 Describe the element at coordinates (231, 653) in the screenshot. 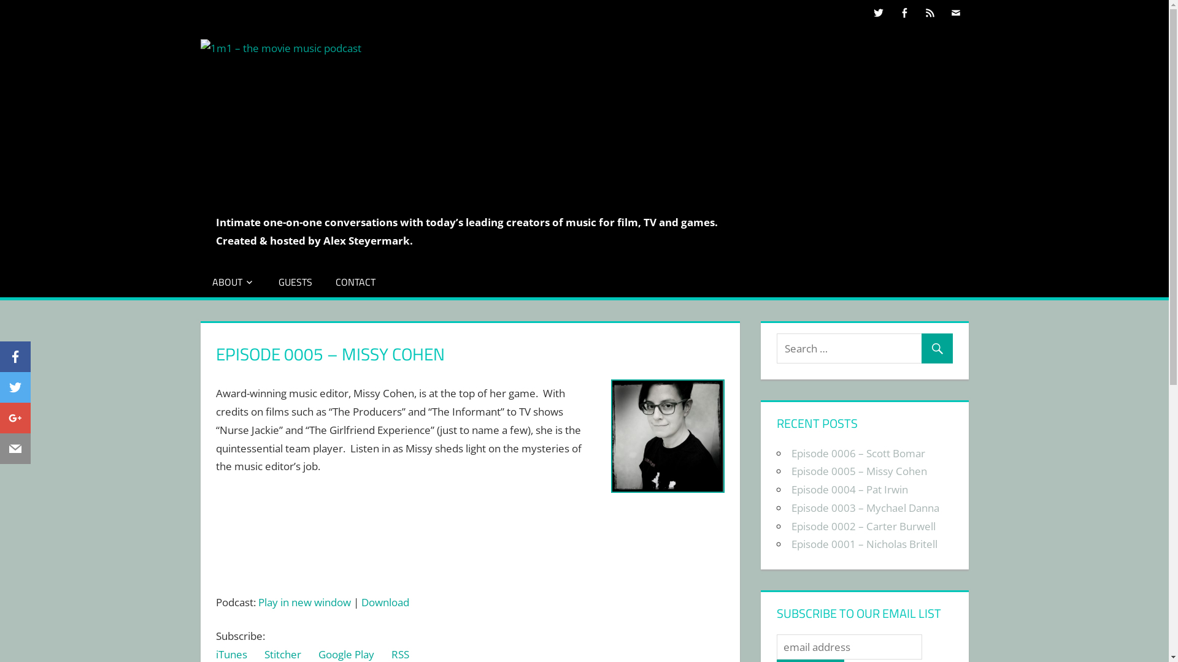

I see `'iTunes'` at that location.